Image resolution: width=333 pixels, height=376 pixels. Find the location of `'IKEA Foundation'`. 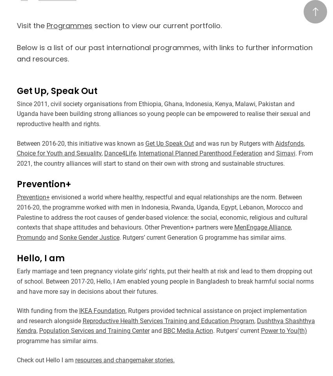

'IKEA Foundation' is located at coordinates (101, 311).